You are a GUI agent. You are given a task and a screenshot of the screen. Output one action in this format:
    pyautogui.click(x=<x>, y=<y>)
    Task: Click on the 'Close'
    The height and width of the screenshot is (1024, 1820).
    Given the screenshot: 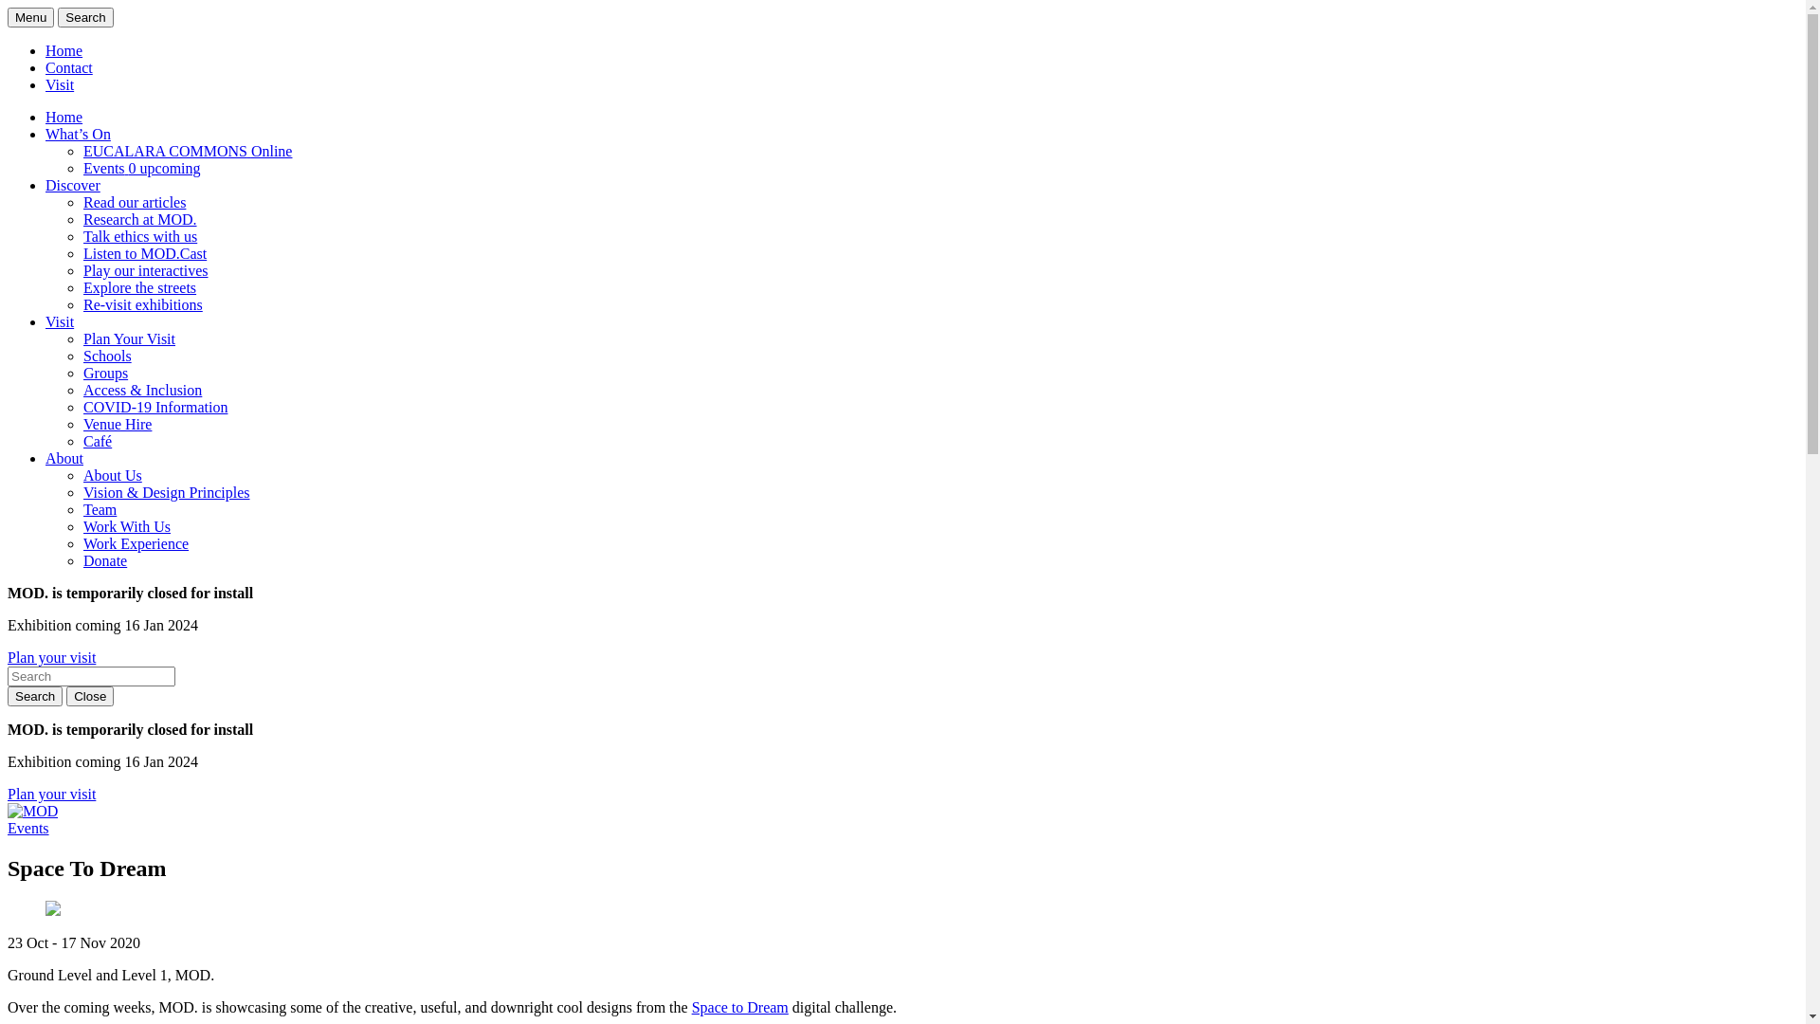 What is the action you would take?
    pyautogui.click(x=89, y=696)
    